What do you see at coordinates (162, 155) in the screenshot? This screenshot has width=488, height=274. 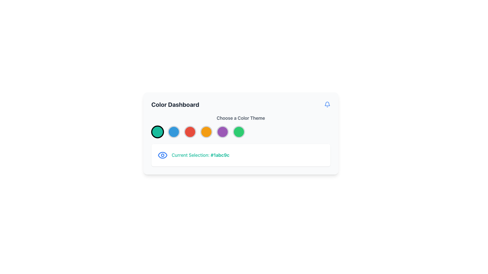 I see `the eye icon located to the left of the text 'Current Selection: #1abc9c' within a white box` at bounding box center [162, 155].